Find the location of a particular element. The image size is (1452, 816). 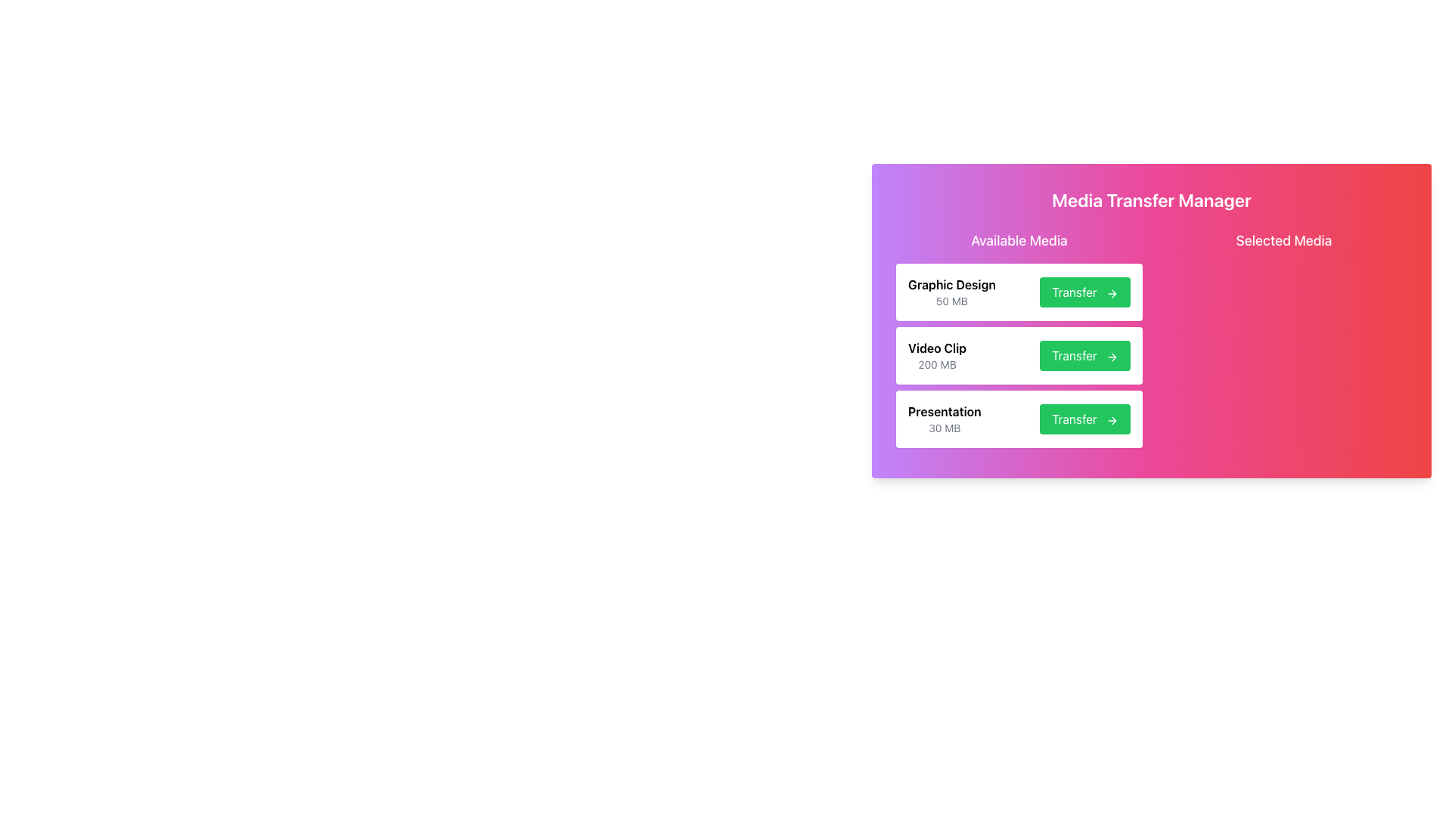

the list item representing the media titled 'Video Clip' with a size of '200 MB' is located at coordinates (1019, 342).